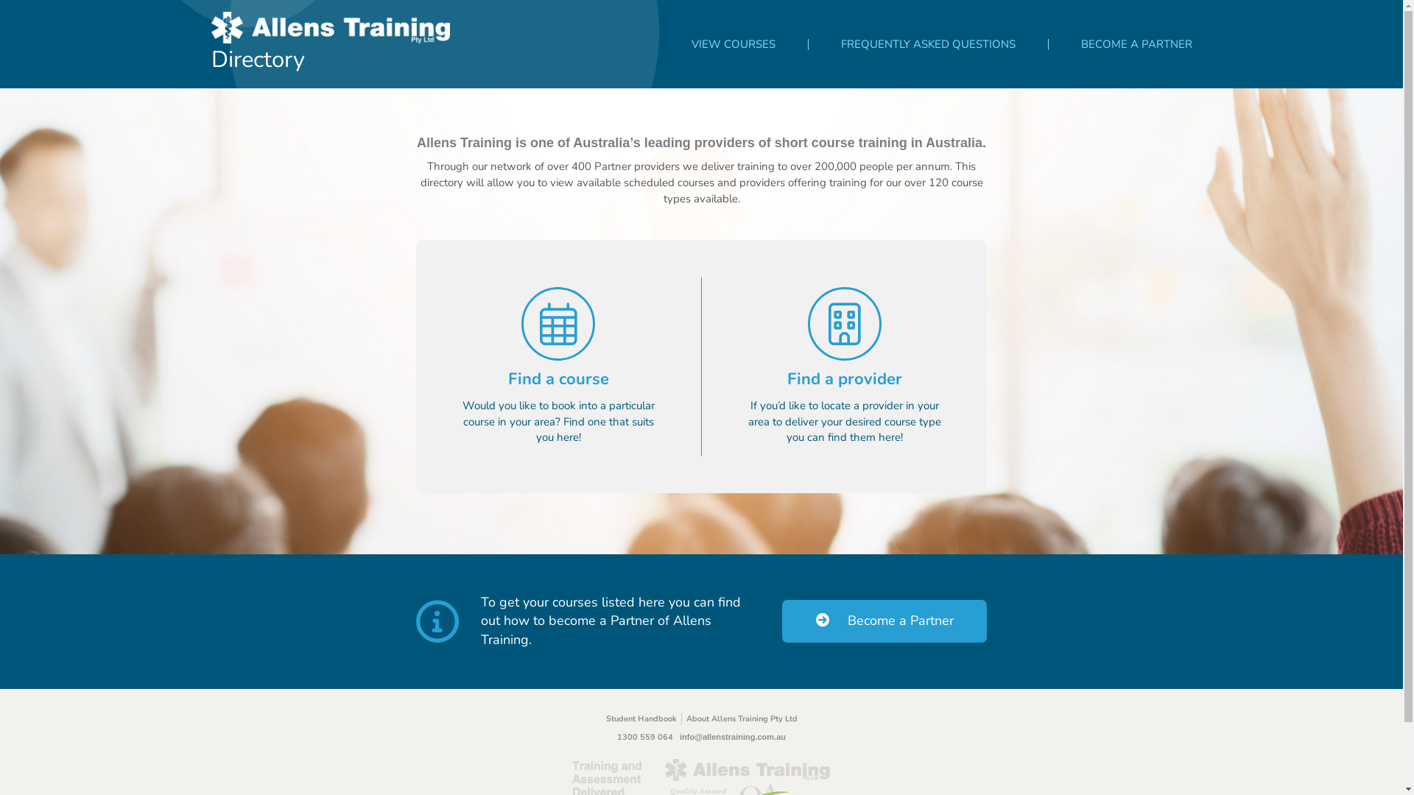 Image resolution: width=1414 pixels, height=795 pixels. Describe the element at coordinates (884, 621) in the screenshot. I see `'Become a Partner'` at that location.